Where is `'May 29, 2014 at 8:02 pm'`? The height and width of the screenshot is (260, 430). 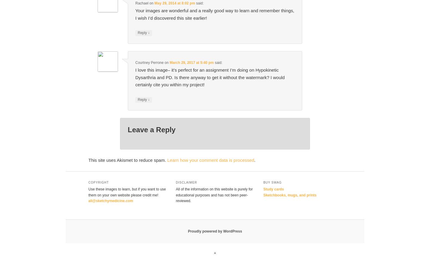 'May 29, 2014 at 8:02 pm' is located at coordinates (154, 3).